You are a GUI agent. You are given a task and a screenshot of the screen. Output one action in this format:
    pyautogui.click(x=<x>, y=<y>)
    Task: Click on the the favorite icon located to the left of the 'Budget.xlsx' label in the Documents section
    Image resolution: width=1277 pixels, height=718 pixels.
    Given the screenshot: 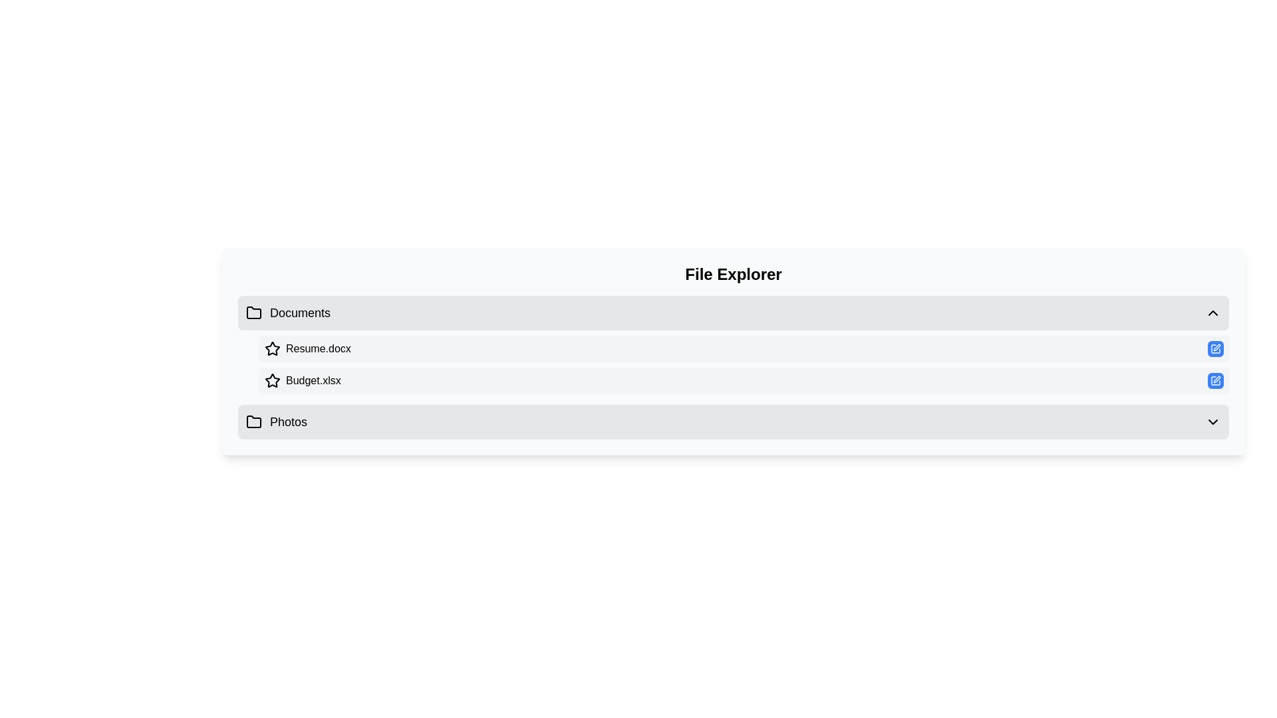 What is the action you would take?
    pyautogui.click(x=271, y=381)
    